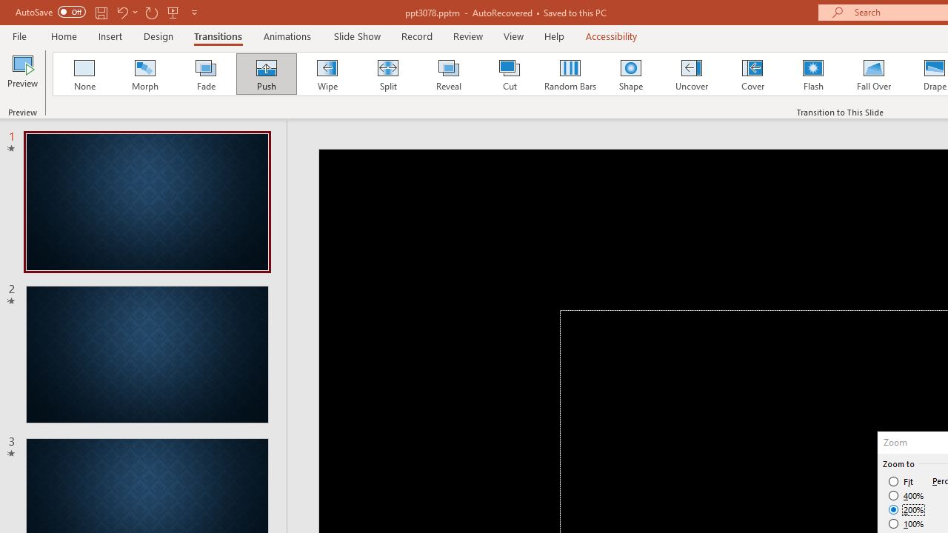 The image size is (948, 533). What do you see at coordinates (387, 74) in the screenshot?
I see `'Split'` at bounding box center [387, 74].